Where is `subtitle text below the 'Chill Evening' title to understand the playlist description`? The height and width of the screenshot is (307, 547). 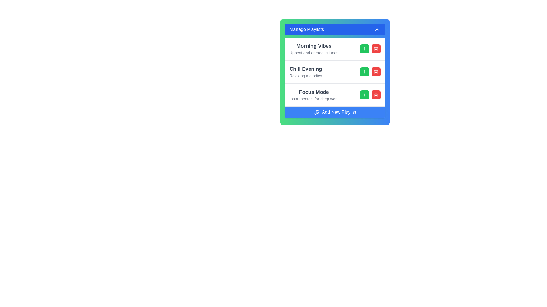 subtitle text below the 'Chill Evening' title to understand the playlist description is located at coordinates (305, 75).